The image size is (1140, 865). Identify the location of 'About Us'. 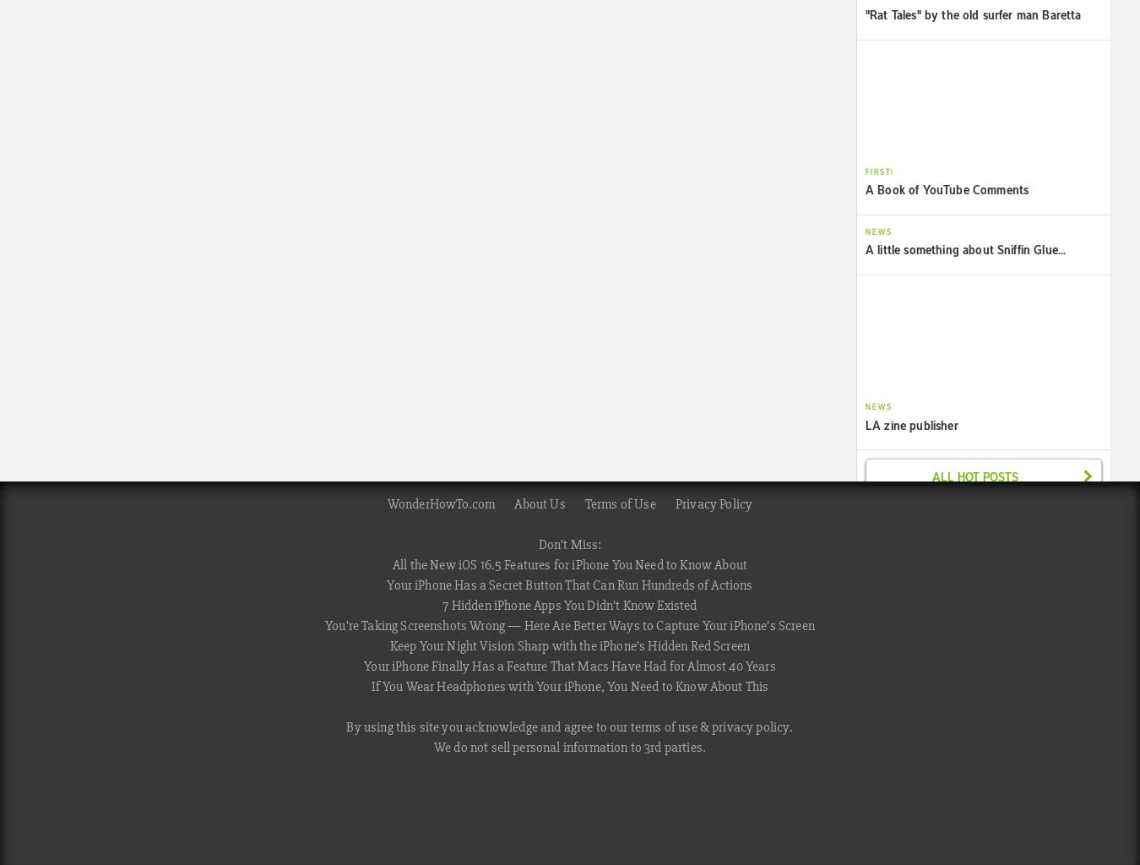
(539, 503).